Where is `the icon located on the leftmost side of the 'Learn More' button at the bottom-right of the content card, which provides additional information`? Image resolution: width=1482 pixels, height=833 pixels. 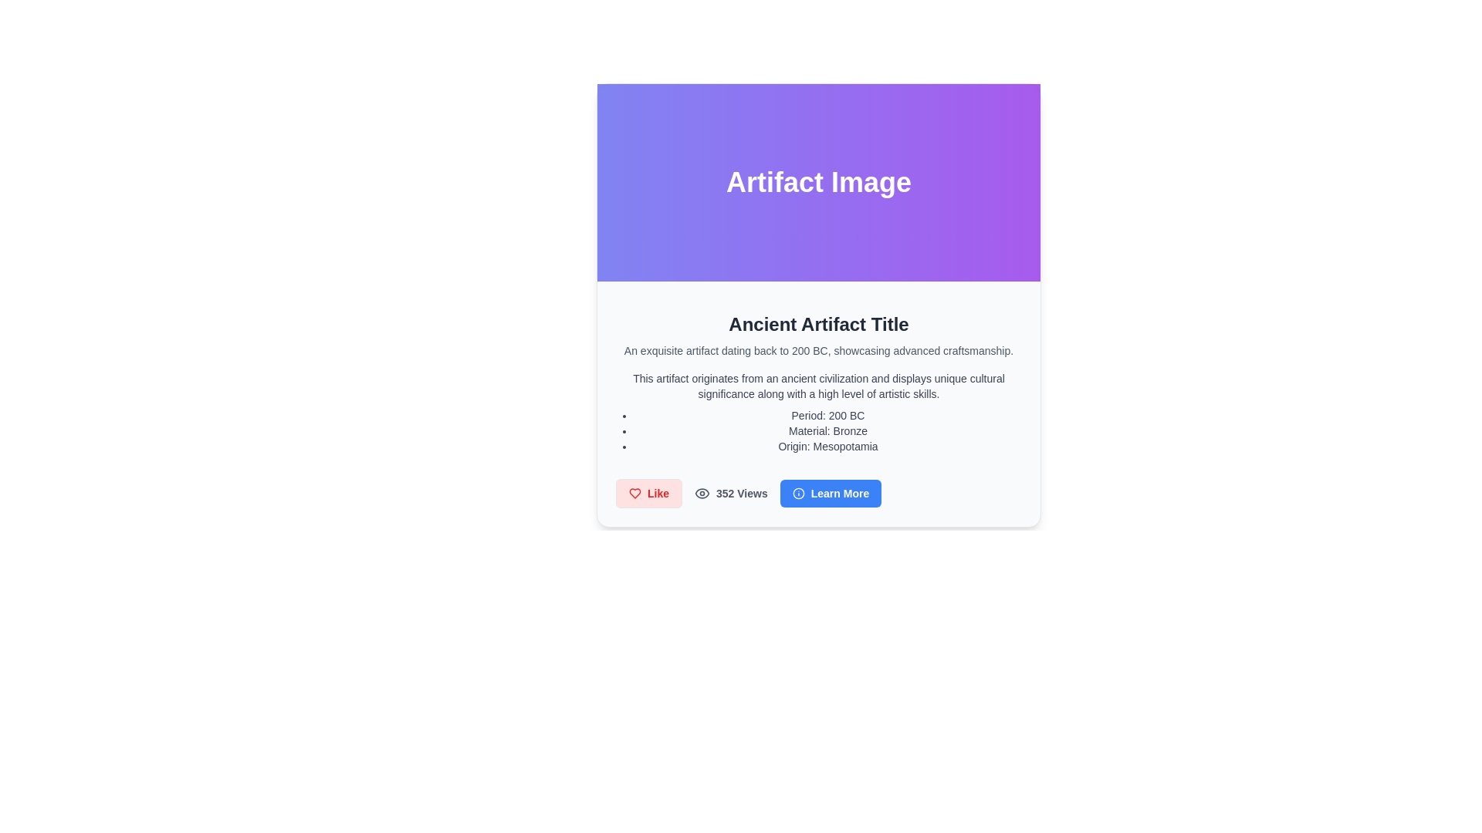
the icon located on the leftmost side of the 'Learn More' button at the bottom-right of the content card, which provides additional information is located at coordinates (798, 494).